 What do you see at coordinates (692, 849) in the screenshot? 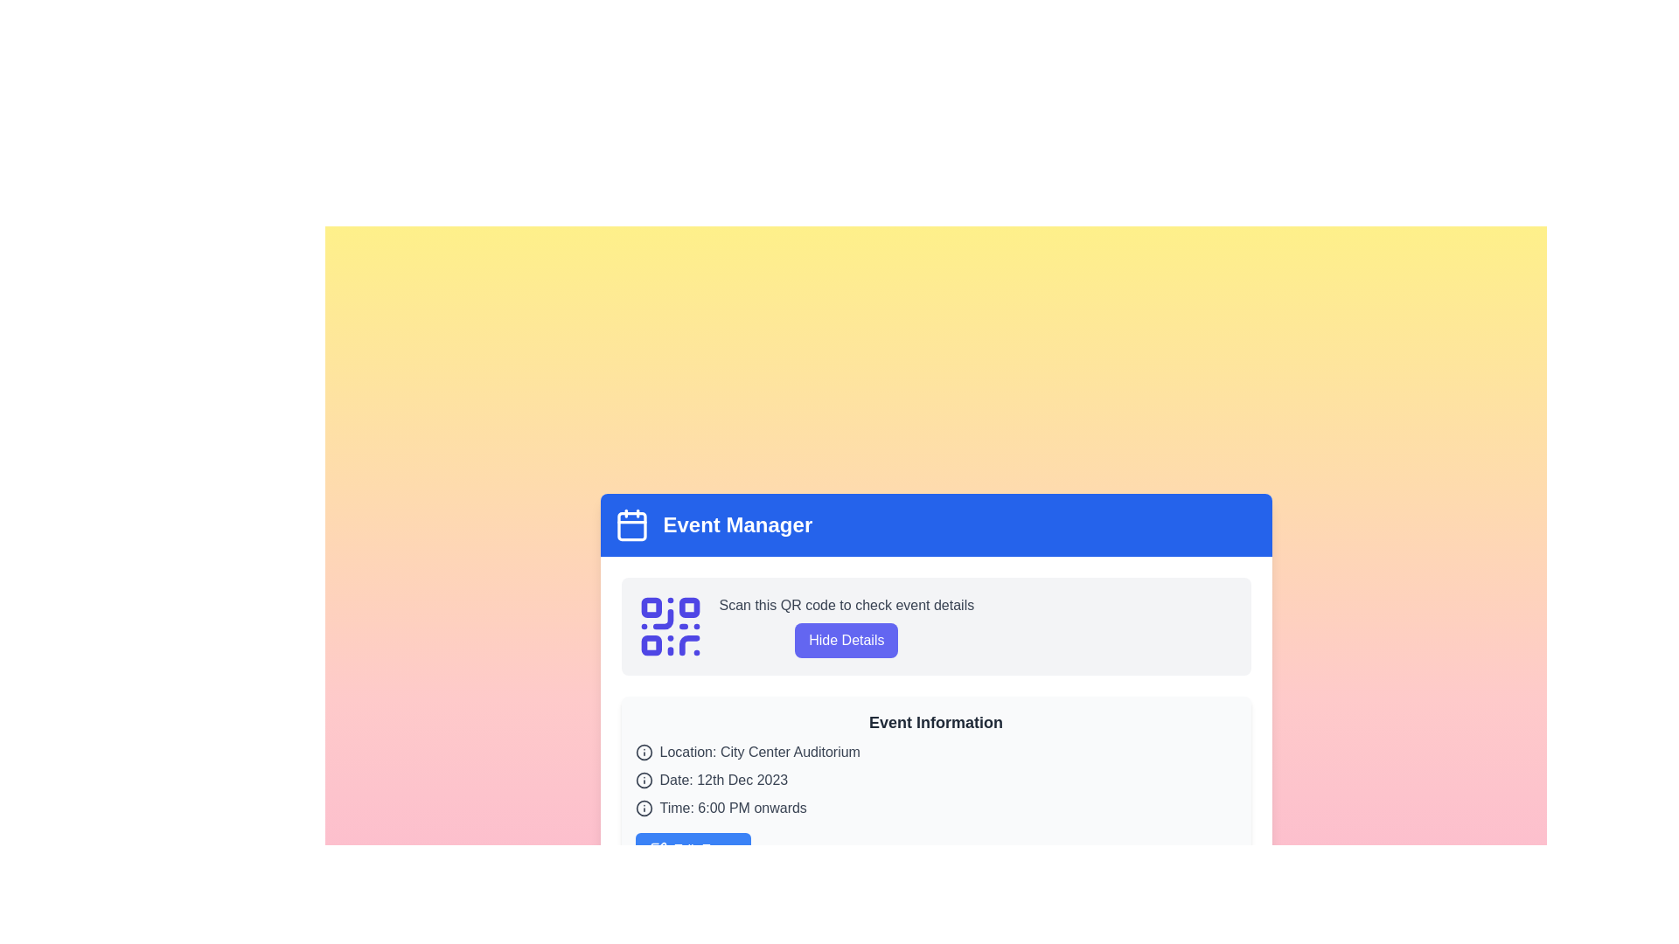
I see `the edit button located at the bottom of the event detail panel, just below the 'Event Information' section` at bounding box center [692, 849].